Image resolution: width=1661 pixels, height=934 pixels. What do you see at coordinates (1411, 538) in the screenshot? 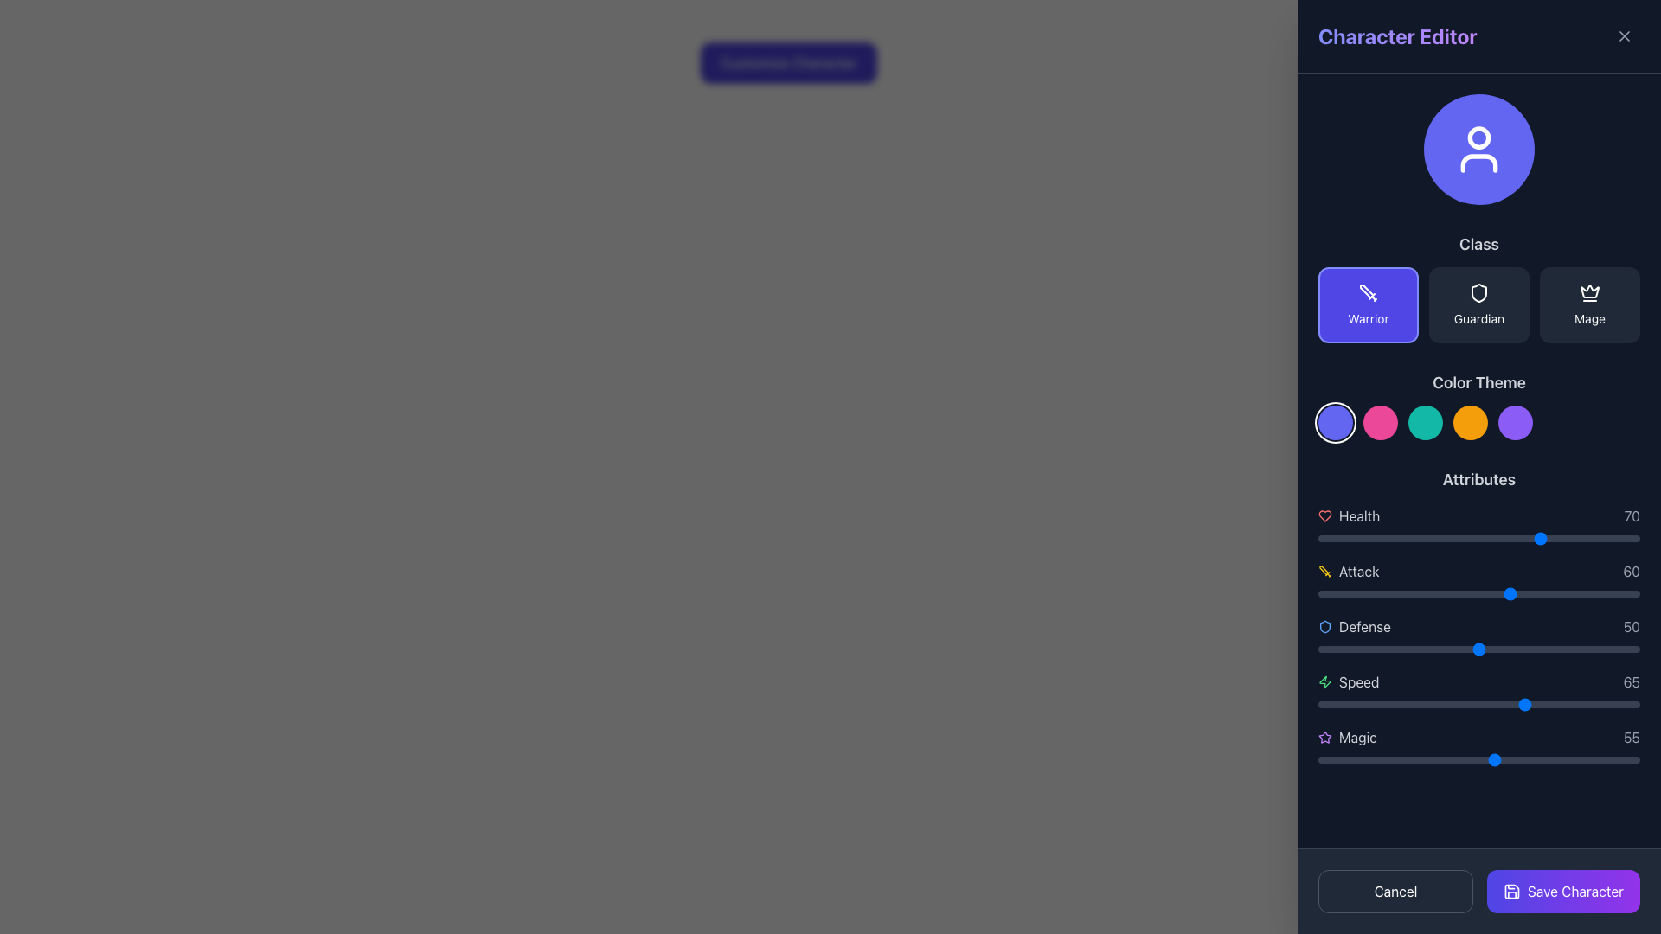
I see `health level` at bounding box center [1411, 538].